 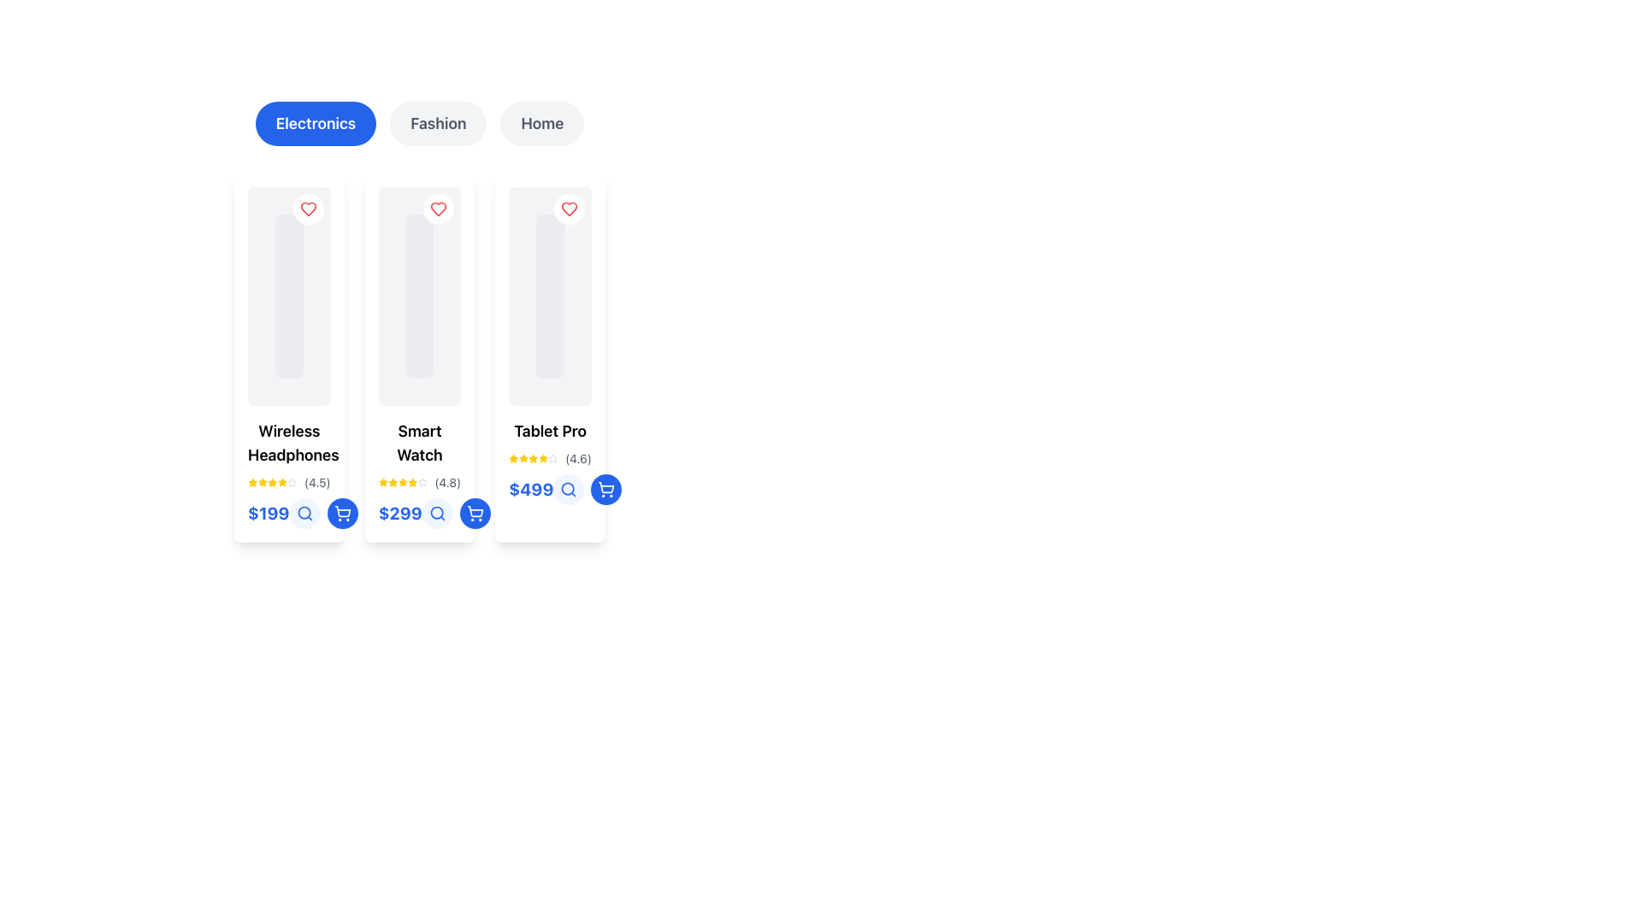 I want to click on the yellow star-shaped icon located, so click(x=533, y=457).